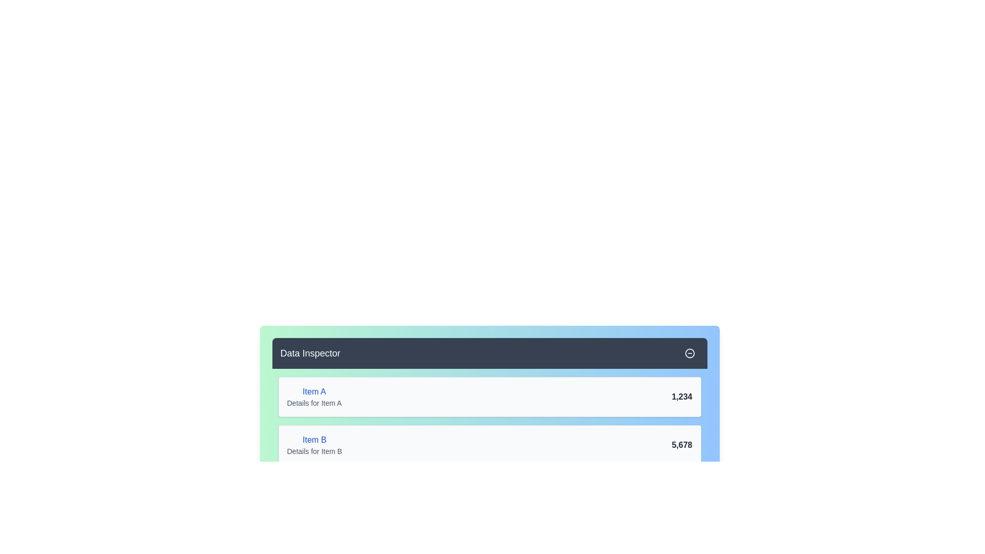 Image resolution: width=985 pixels, height=554 pixels. Describe the element at coordinates (682, 444) in the screenshot. I see `the Text Label displaying numerical data related to 'Item B', located to the far right of the 'Details for Item B' text` at that location.